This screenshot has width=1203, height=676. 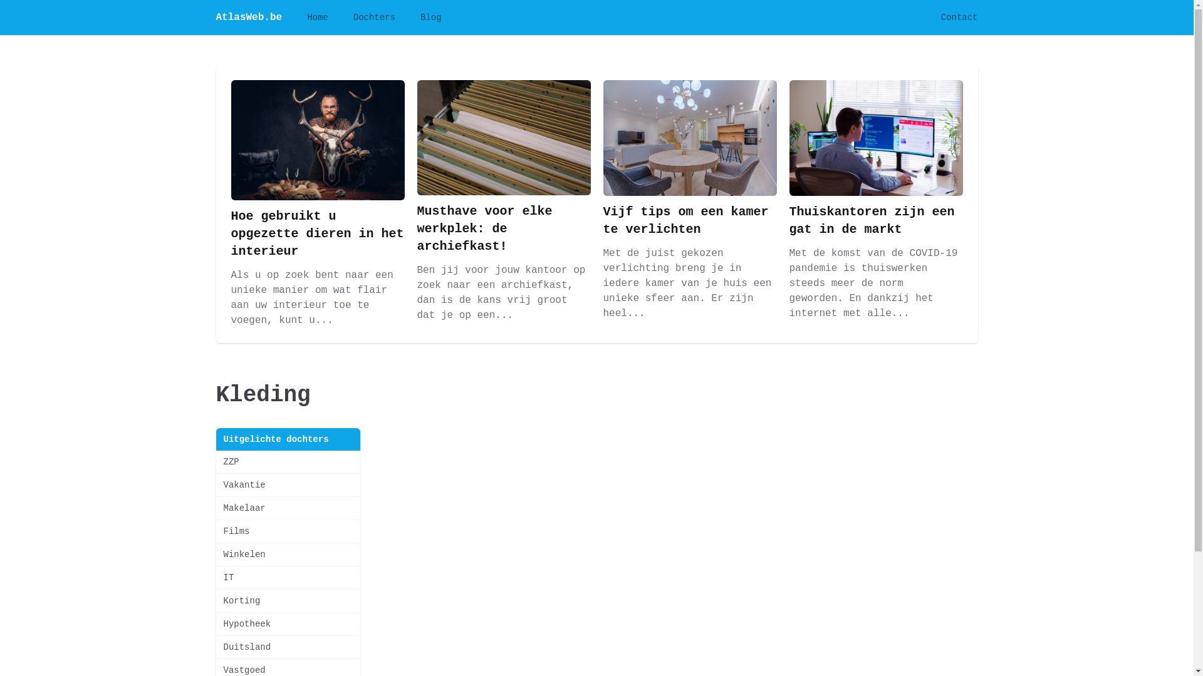 What do you see at coordinates (287, 600) in the screenshot?
I see `'Korting'` at bounding box center [287, 600].